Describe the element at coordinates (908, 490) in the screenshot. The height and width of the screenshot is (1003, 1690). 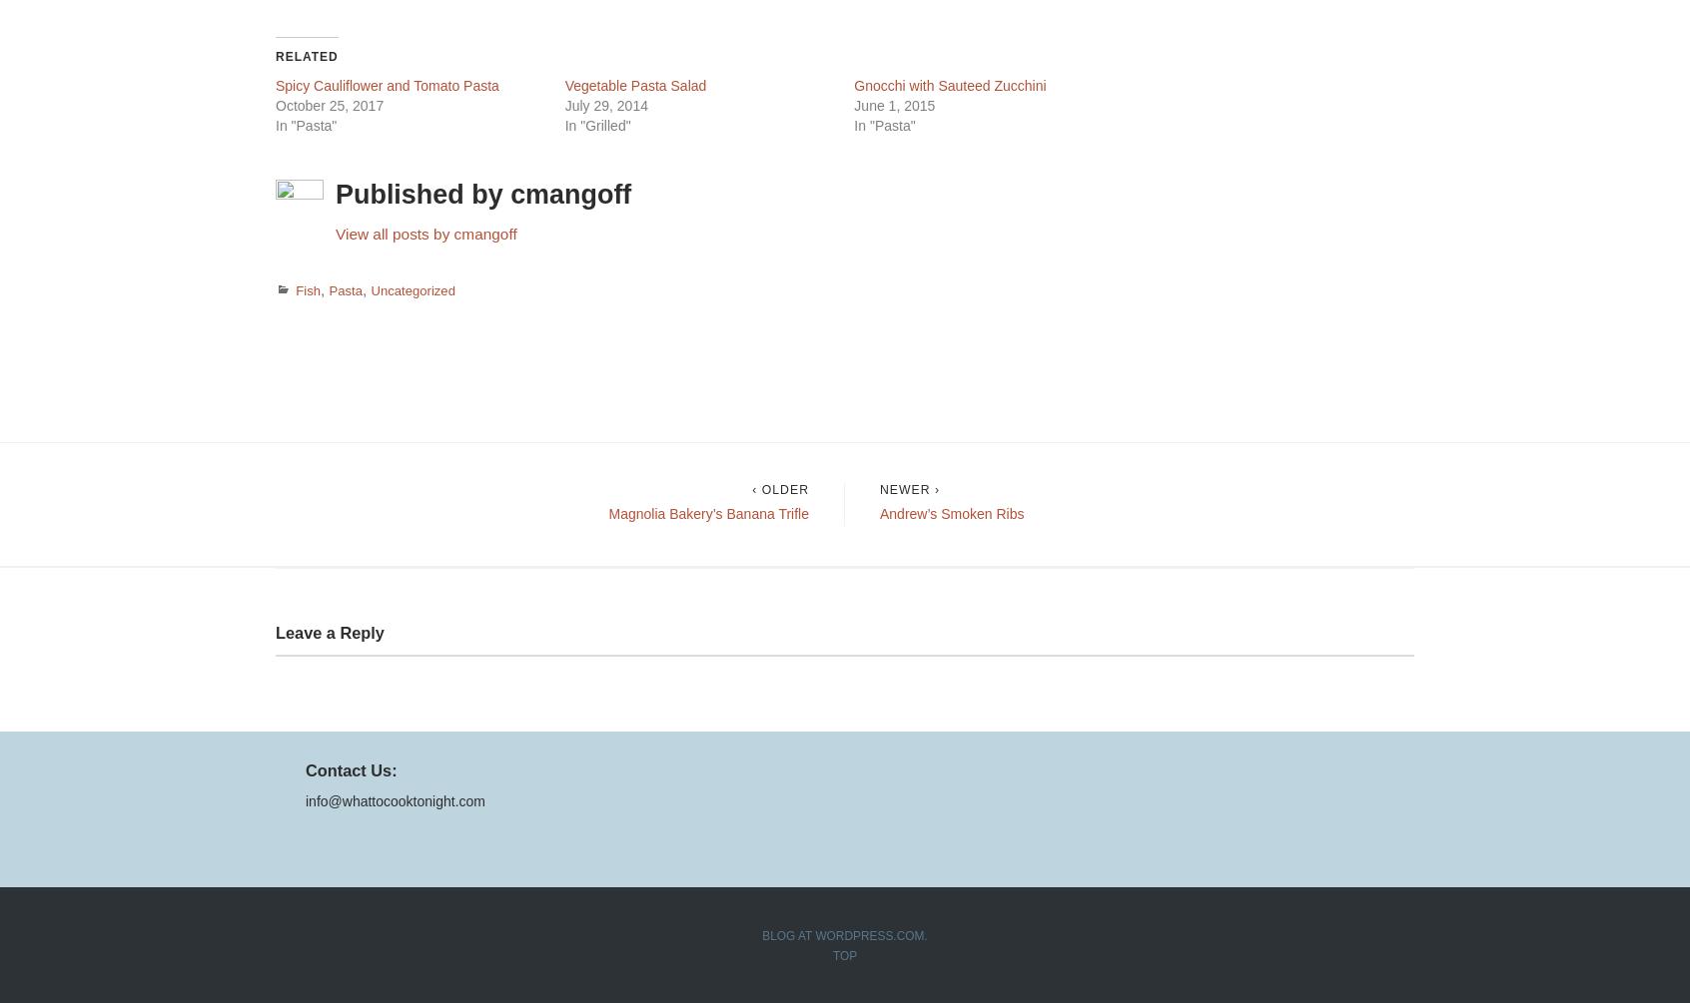
I see `'Newer ›'` at that location.